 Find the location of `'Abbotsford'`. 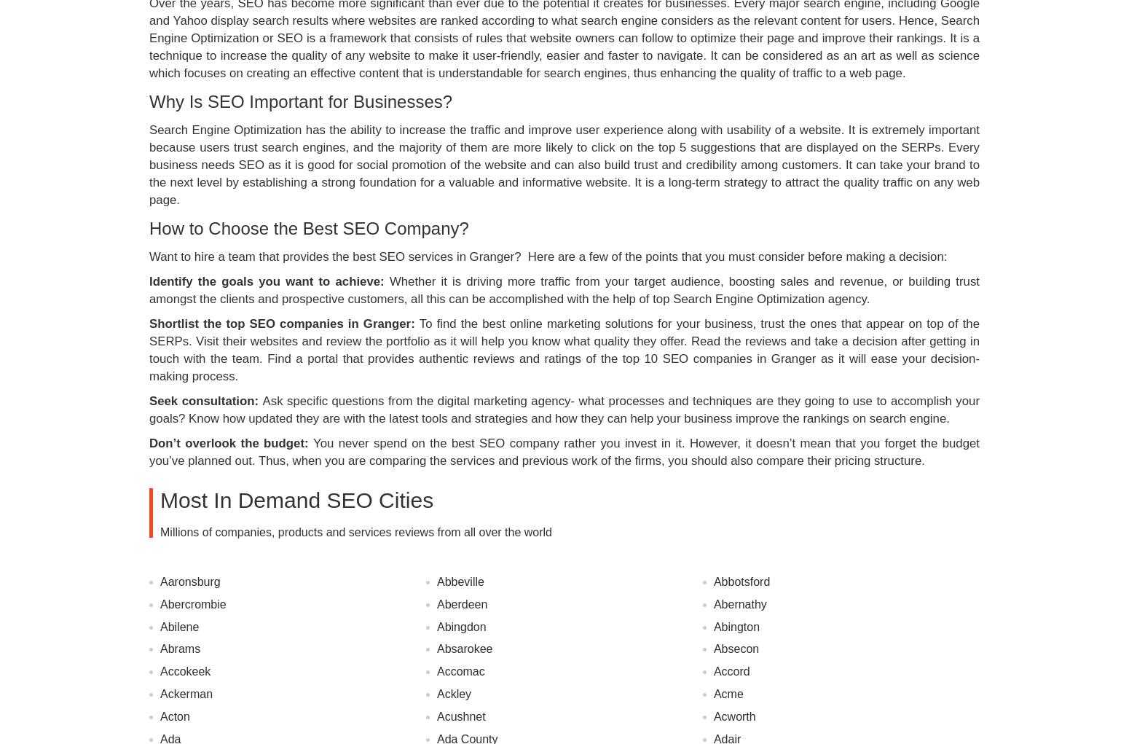

'Abbotsford' is located at coordinates (741, 580).